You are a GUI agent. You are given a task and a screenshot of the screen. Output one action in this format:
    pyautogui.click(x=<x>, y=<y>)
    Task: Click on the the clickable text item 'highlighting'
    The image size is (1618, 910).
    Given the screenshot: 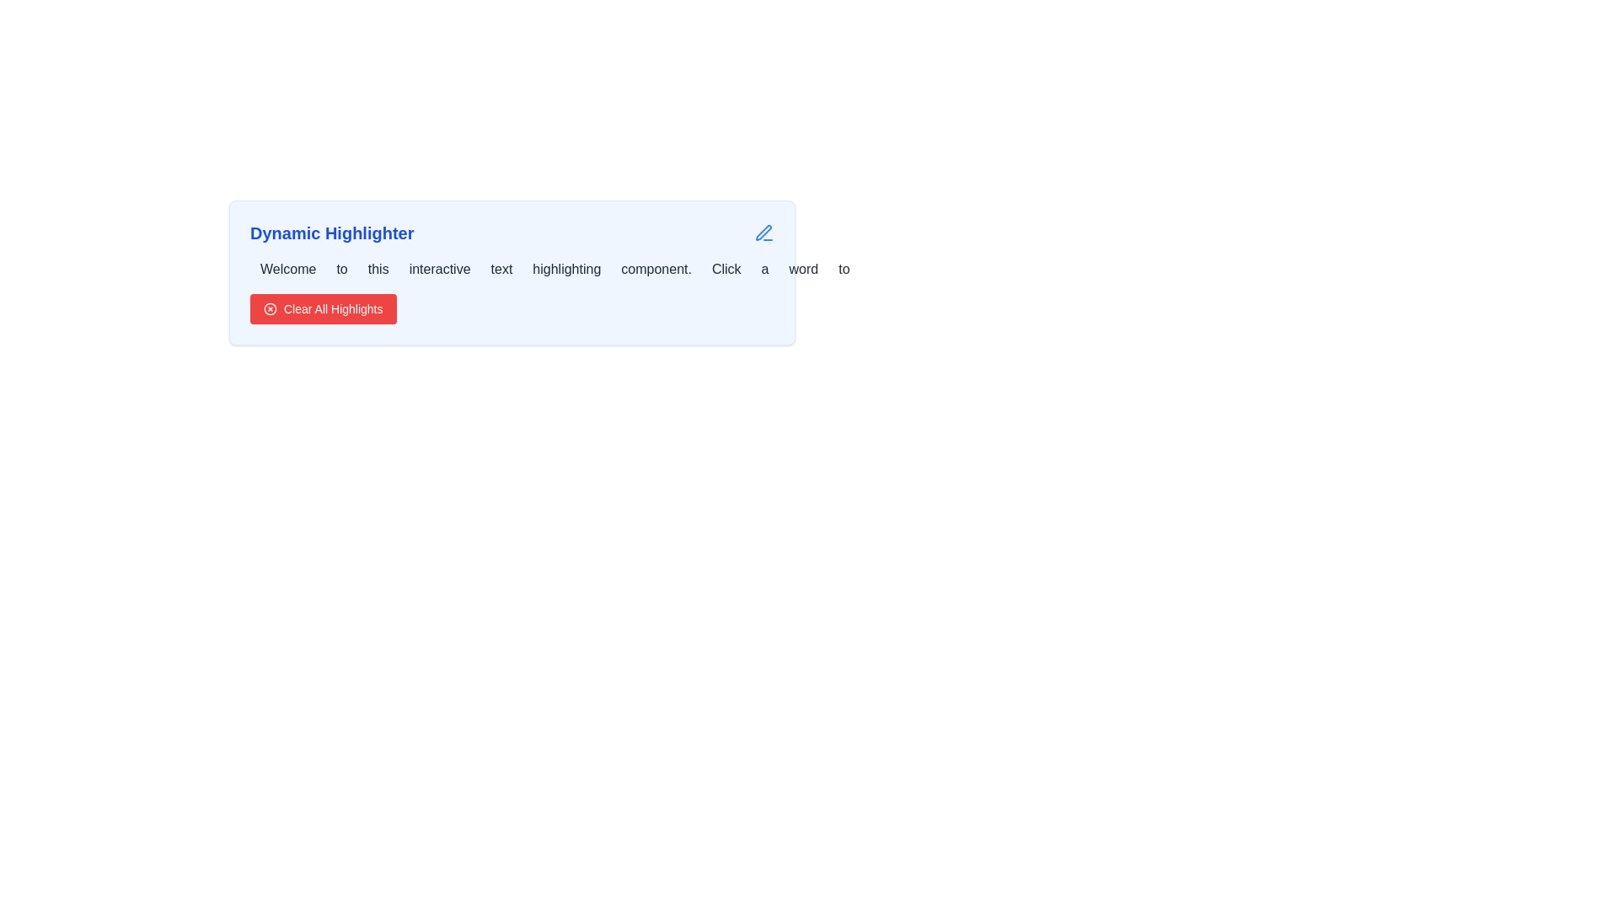 What is the action you would take?
    pyautogui.click(x=566, y=268)
    